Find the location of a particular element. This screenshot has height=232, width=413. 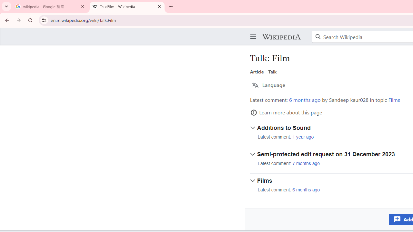

'Films' is located at coordinates (394, 100).